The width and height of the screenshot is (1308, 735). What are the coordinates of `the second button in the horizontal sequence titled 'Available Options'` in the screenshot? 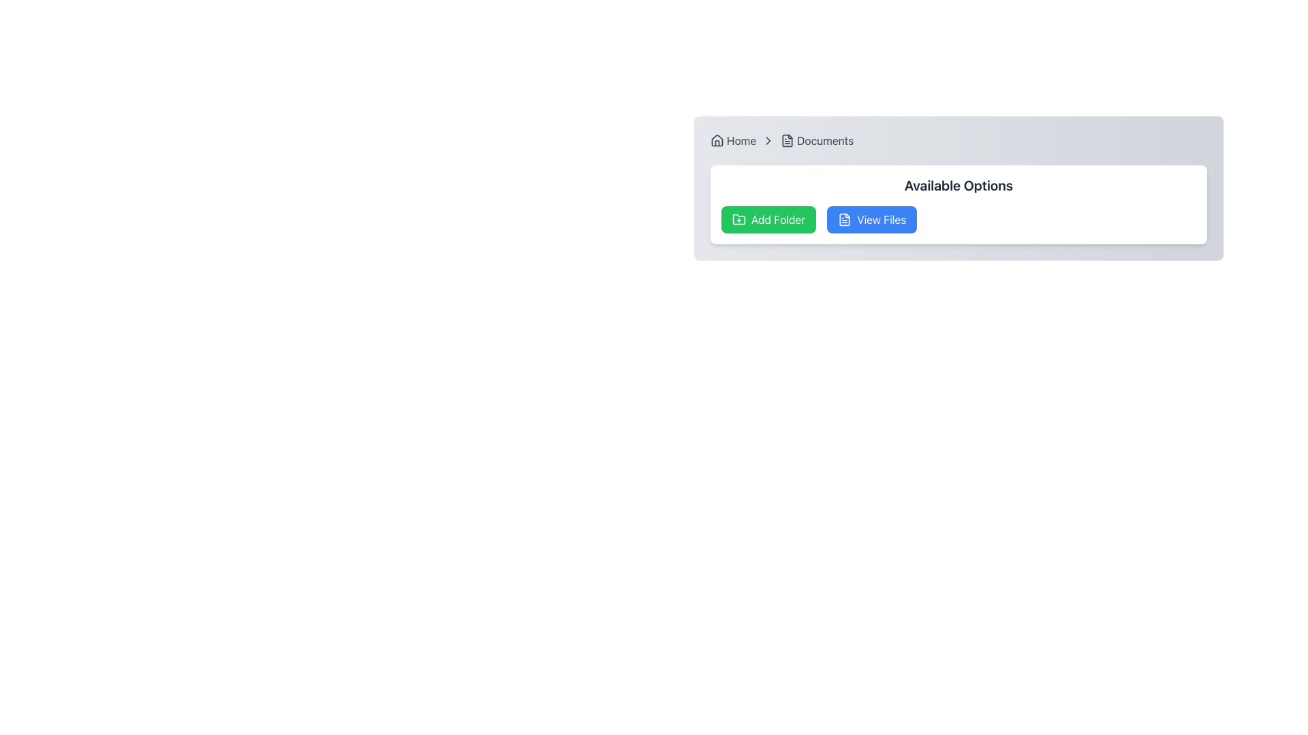 It's located at (872, 219).